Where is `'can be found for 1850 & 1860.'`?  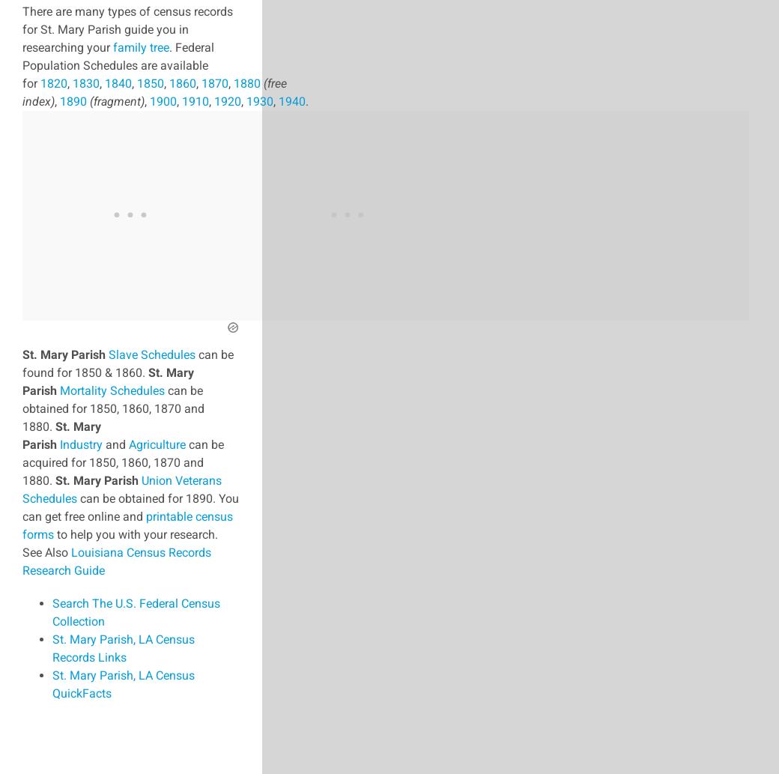 'can be found for 1850 & 1860.' is located at coordinates (21, 363).